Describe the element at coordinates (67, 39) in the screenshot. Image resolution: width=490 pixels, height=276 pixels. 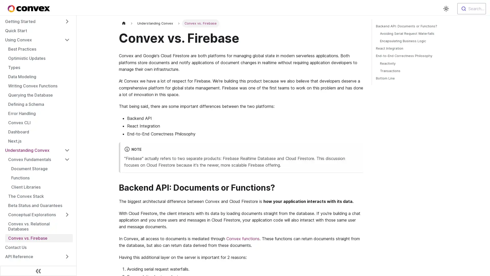
I see `Toggle the collapsible sidebar category 'Using Convex'` at that location.